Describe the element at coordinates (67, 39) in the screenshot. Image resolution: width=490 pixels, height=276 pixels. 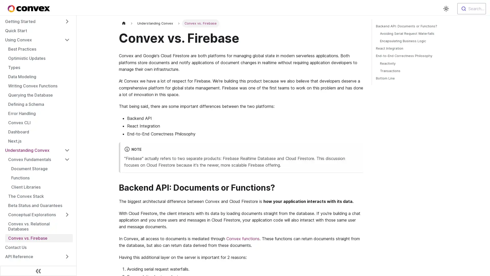
I see `Toggle the collapsible sidebar category 'Using Convex'` at that location.